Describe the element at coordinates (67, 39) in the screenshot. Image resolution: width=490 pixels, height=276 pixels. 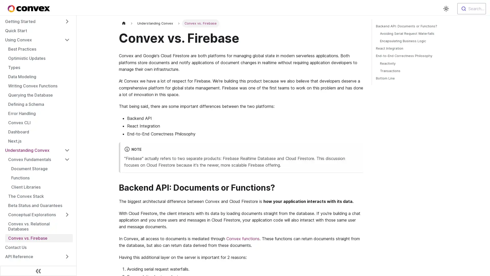
I see `Toggle the collapsible sidebar category 'Using Convex'` at that location.